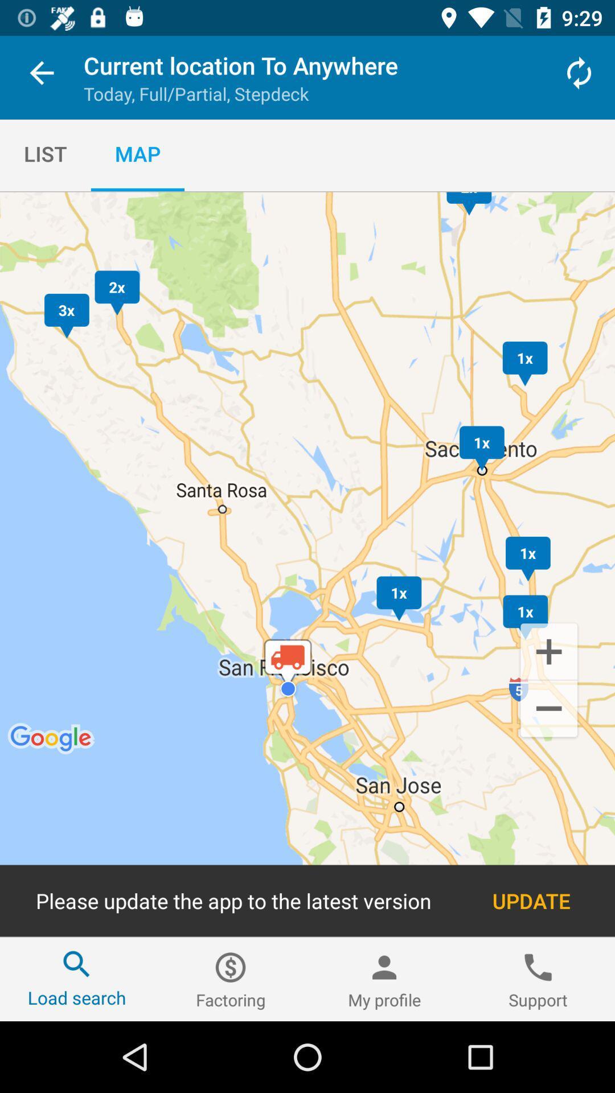 This screenshot has width=615, height=1093. What do you see at coordinates (384, 979) in the screenshot?
I see `icon to the left of support` at bounding box center [384, 979].